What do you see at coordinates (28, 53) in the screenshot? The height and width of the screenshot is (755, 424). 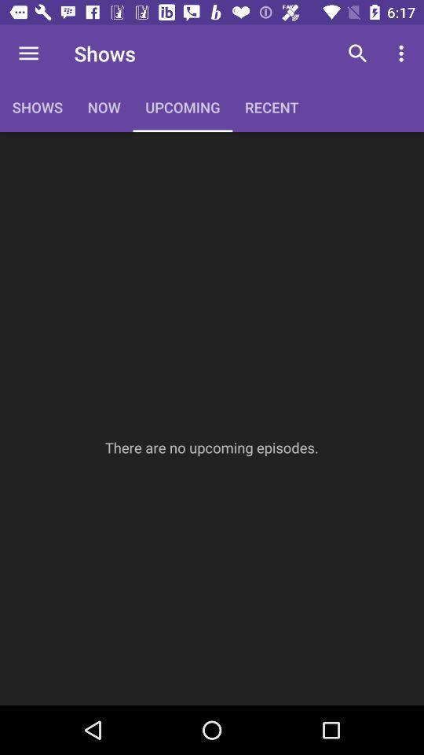 I see `the icon to the left of the shows item` at bounding box center [28, 53].